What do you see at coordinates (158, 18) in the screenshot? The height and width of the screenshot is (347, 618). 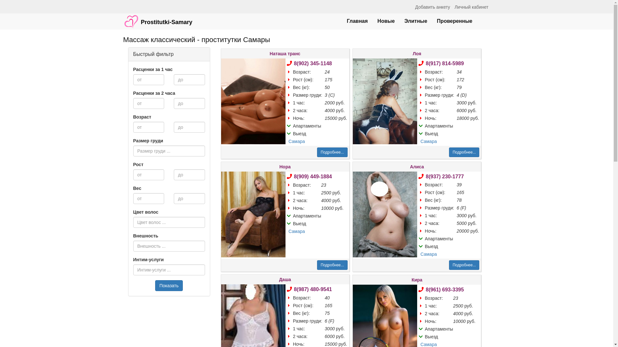 I see `'Prostitutki-Samary'` at bounding box center [158, 18].